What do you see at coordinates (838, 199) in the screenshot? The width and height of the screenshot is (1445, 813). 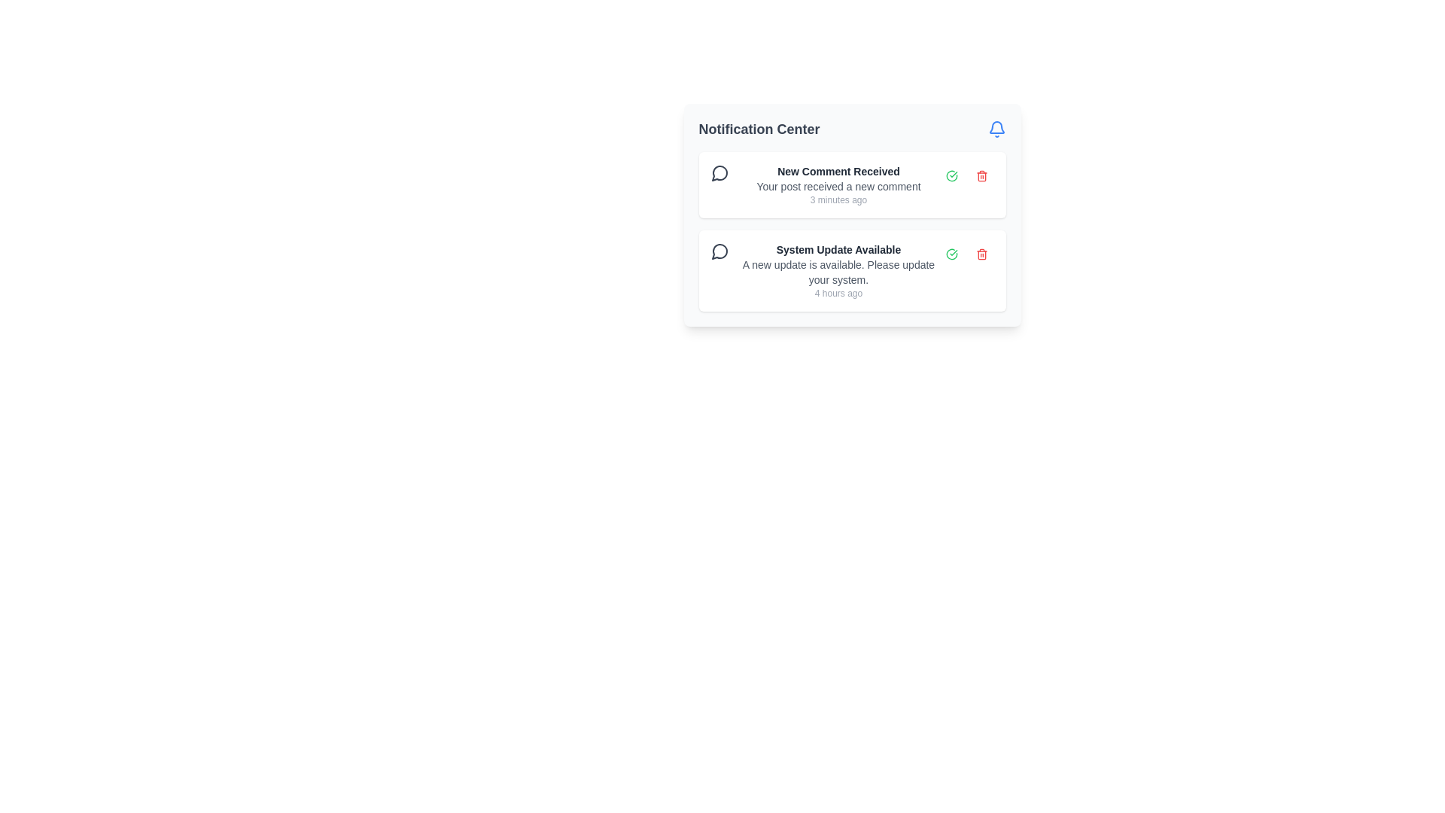 I see `the Text Label that displays the time elapsed since the notification about a new comment was received, located in the bottom-right corner of the notification block labeled 'New Comment Received'` at bounding box center [838, 199].